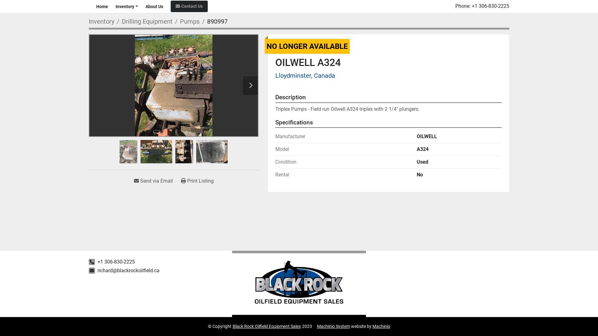  What do you see at coordinates (102, 6) in the screenshot?
I see `'Home'` at bounding box center [102, 6].